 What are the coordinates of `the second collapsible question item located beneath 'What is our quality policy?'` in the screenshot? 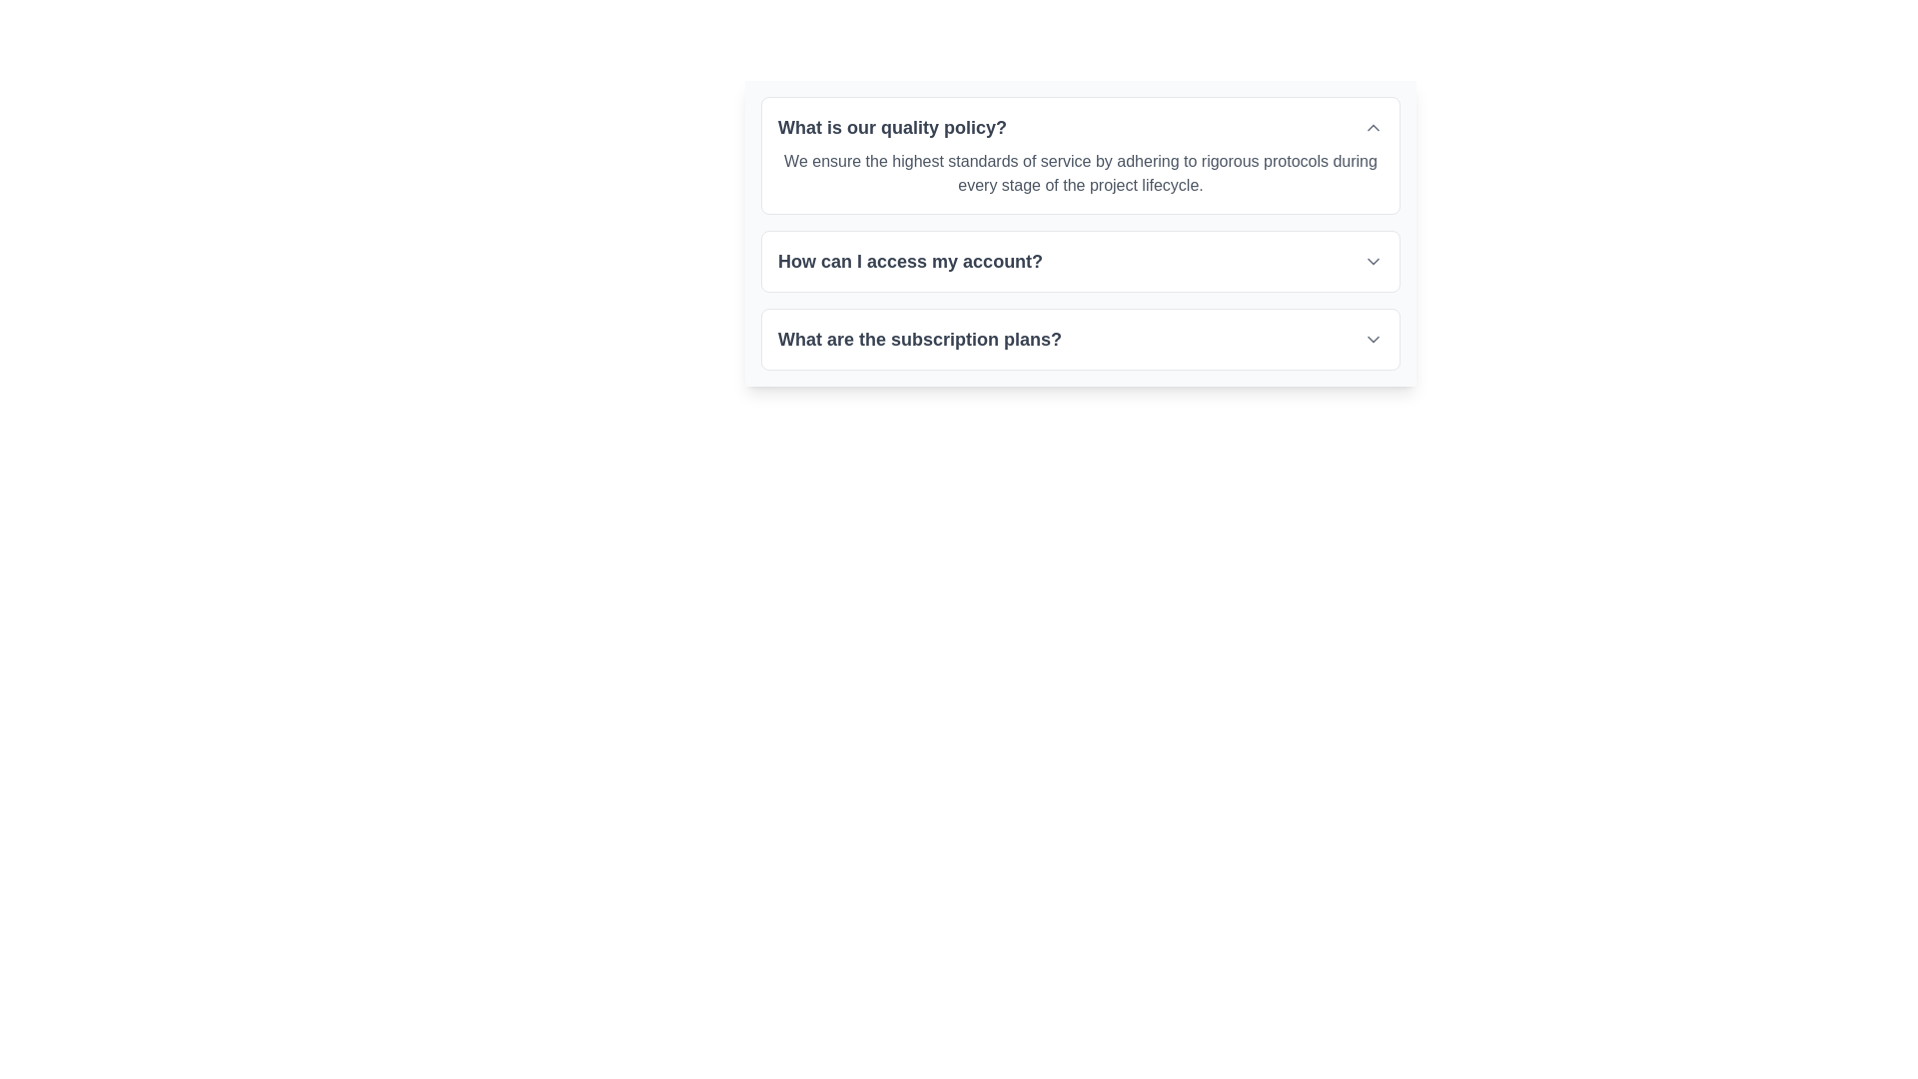 It's located at (1079, 261).